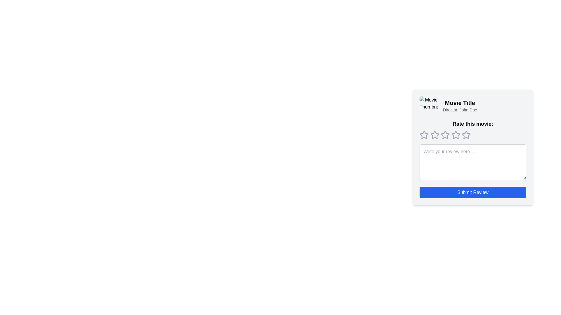  Describe the element at coordinates (445, 135) in the screenshot. I see `the third star icon button in the five-star rating system` at that location.